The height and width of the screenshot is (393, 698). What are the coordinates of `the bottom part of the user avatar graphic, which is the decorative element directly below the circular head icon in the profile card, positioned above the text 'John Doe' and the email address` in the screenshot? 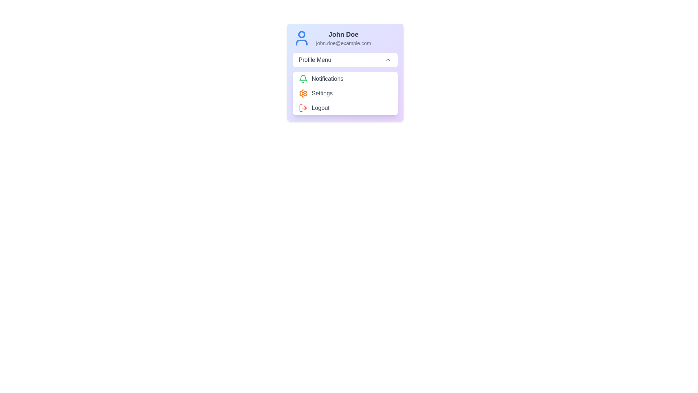 It's located at (301, 42).